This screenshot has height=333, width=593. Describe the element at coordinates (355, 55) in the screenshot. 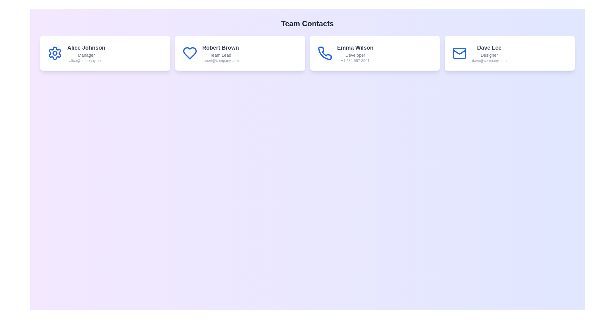

I see `the informational text label describing the professional role or title of the contact 'Emma Wilson' located in the second position of the contact card` at that location.